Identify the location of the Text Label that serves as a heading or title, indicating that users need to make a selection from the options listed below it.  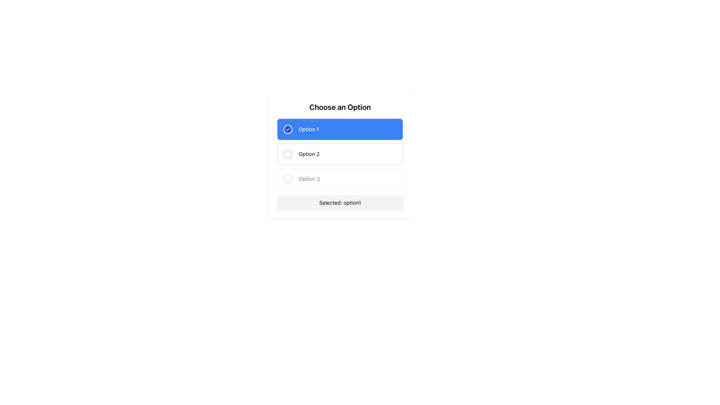
(340, 107).